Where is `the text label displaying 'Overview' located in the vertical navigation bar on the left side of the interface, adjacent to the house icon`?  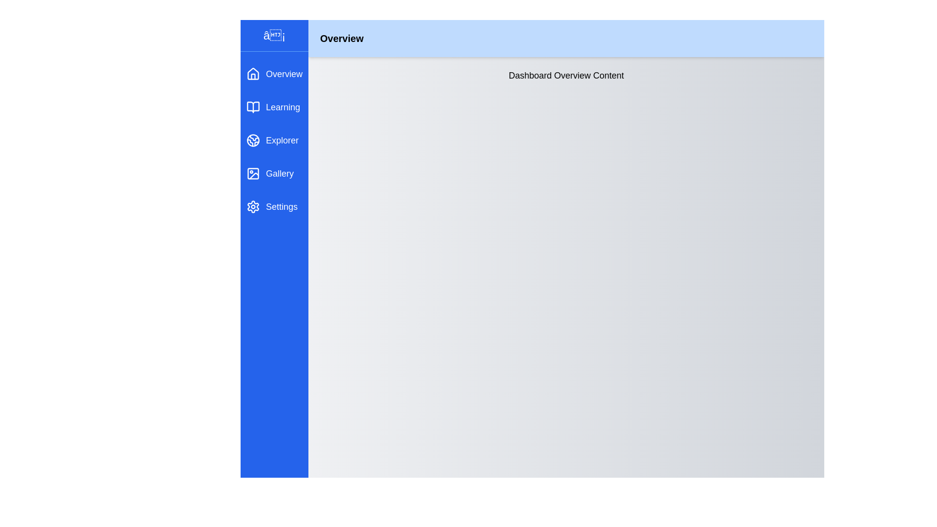 the text label displaying 'Overview' located in the vertical navigation bar on the left side of the interface, adjacent to the house icon is located at coordinates (284, 73).